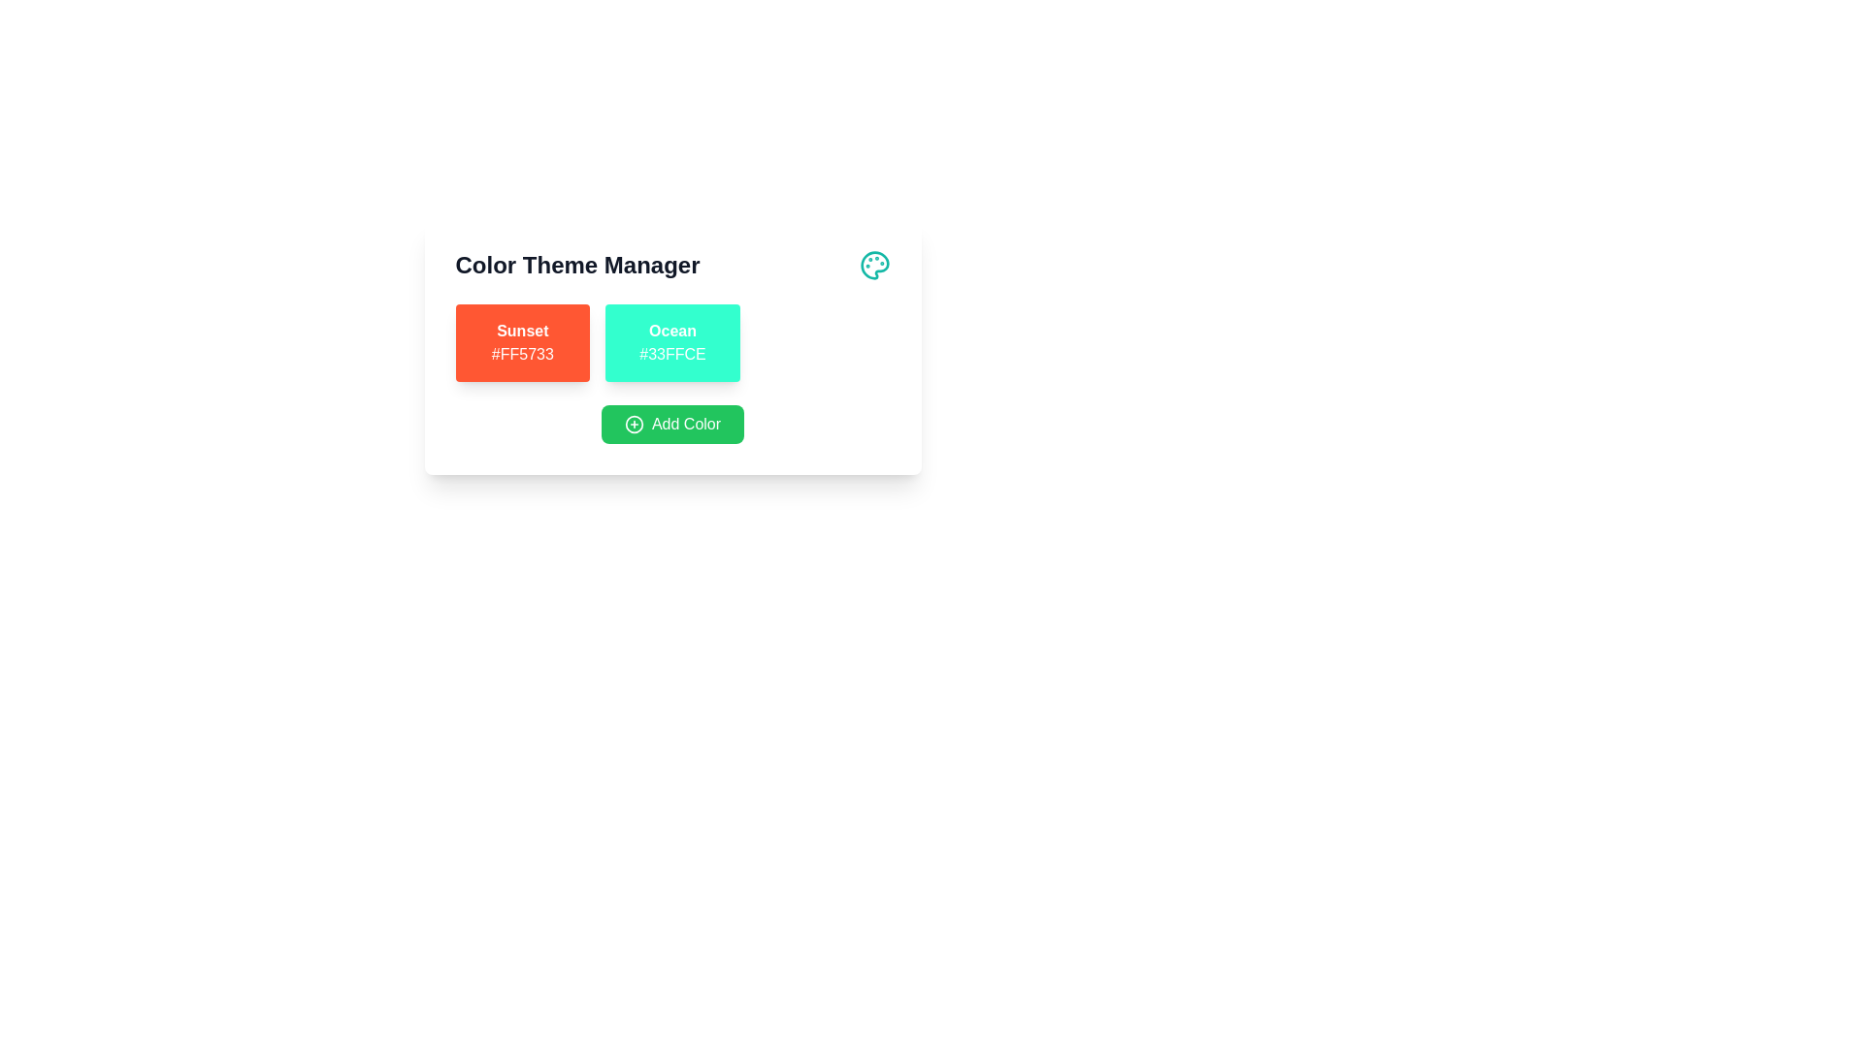 The width and height of the screenshot is (1863, 1047). Describe the element at coordinates (672, 424) in the screenshot. I see `the 'Add Color' button with a bright green background located at the bottom of the 'Color Theme Manager' section` at that location.